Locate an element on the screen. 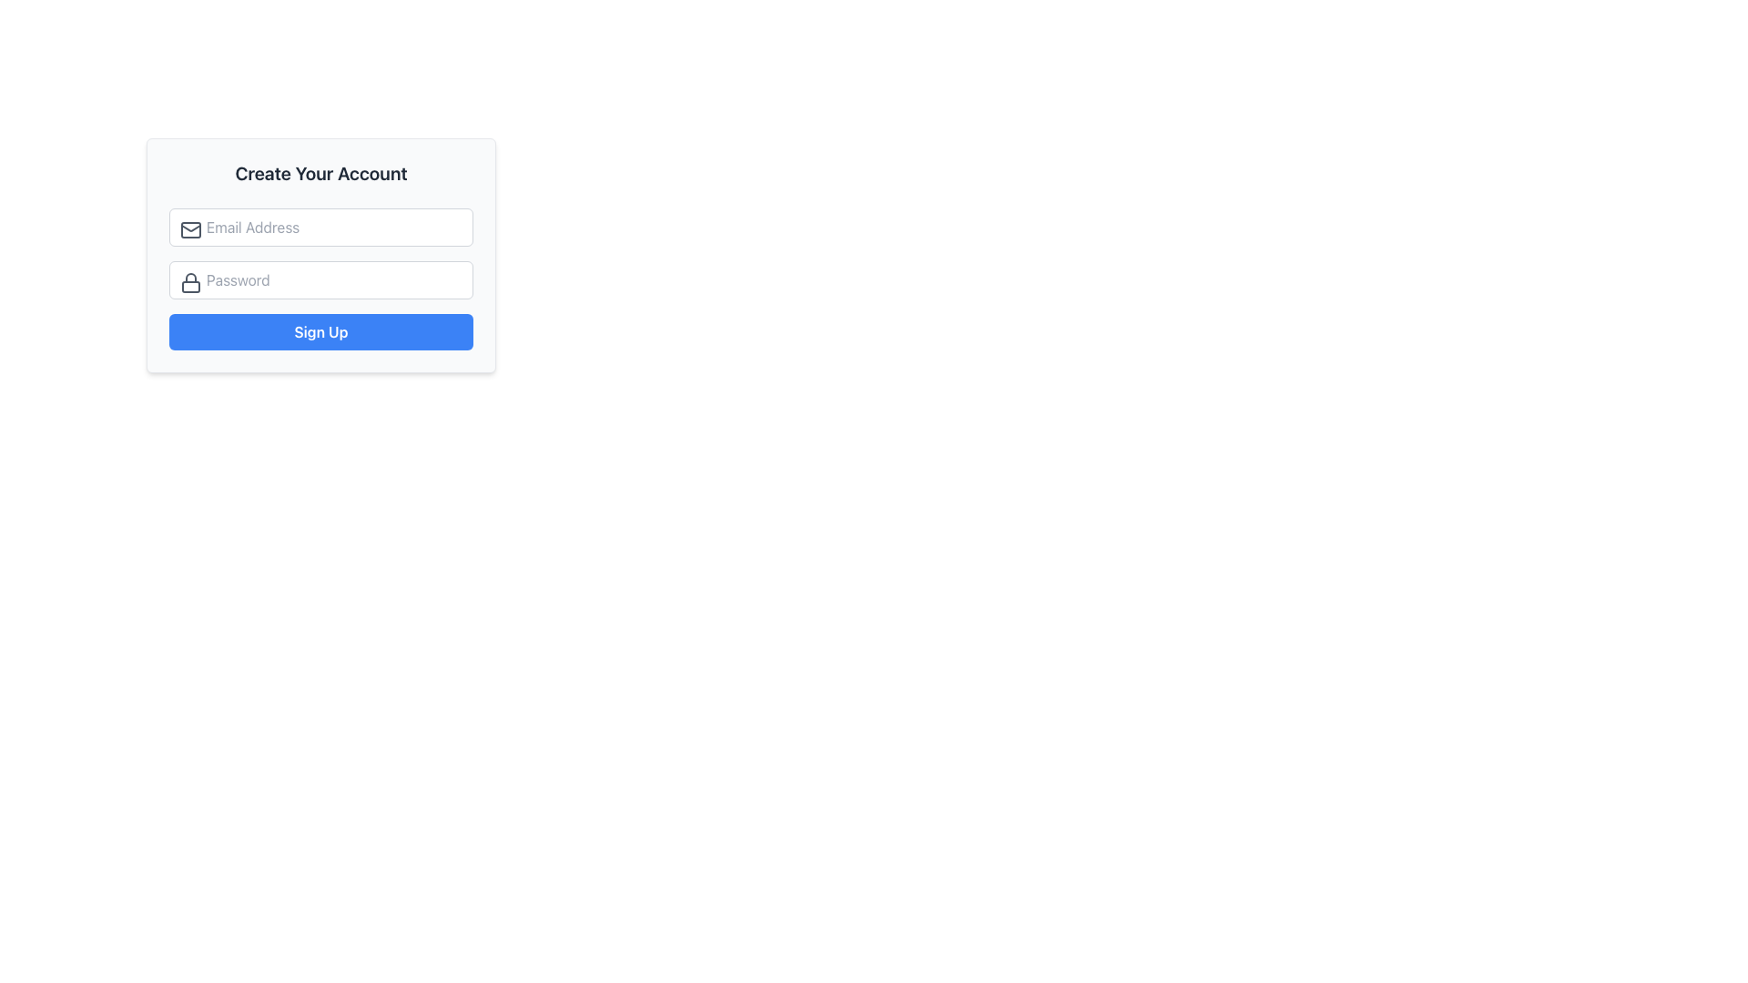  the bottom section of the lock icon, which is a rectangular shape with rounded corners, located inside a security-related visual representation adjacent to the password input field is located at coordinates (191, 287).